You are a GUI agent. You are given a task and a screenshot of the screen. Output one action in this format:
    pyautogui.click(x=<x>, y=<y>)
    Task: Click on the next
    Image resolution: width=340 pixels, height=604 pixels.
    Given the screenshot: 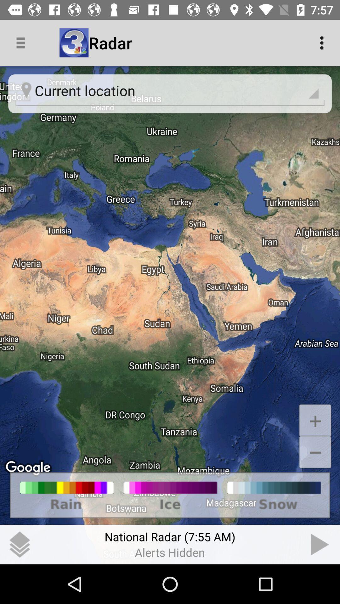 What is the action you would take?
    pyautogui.click(x=320, y=544)
    